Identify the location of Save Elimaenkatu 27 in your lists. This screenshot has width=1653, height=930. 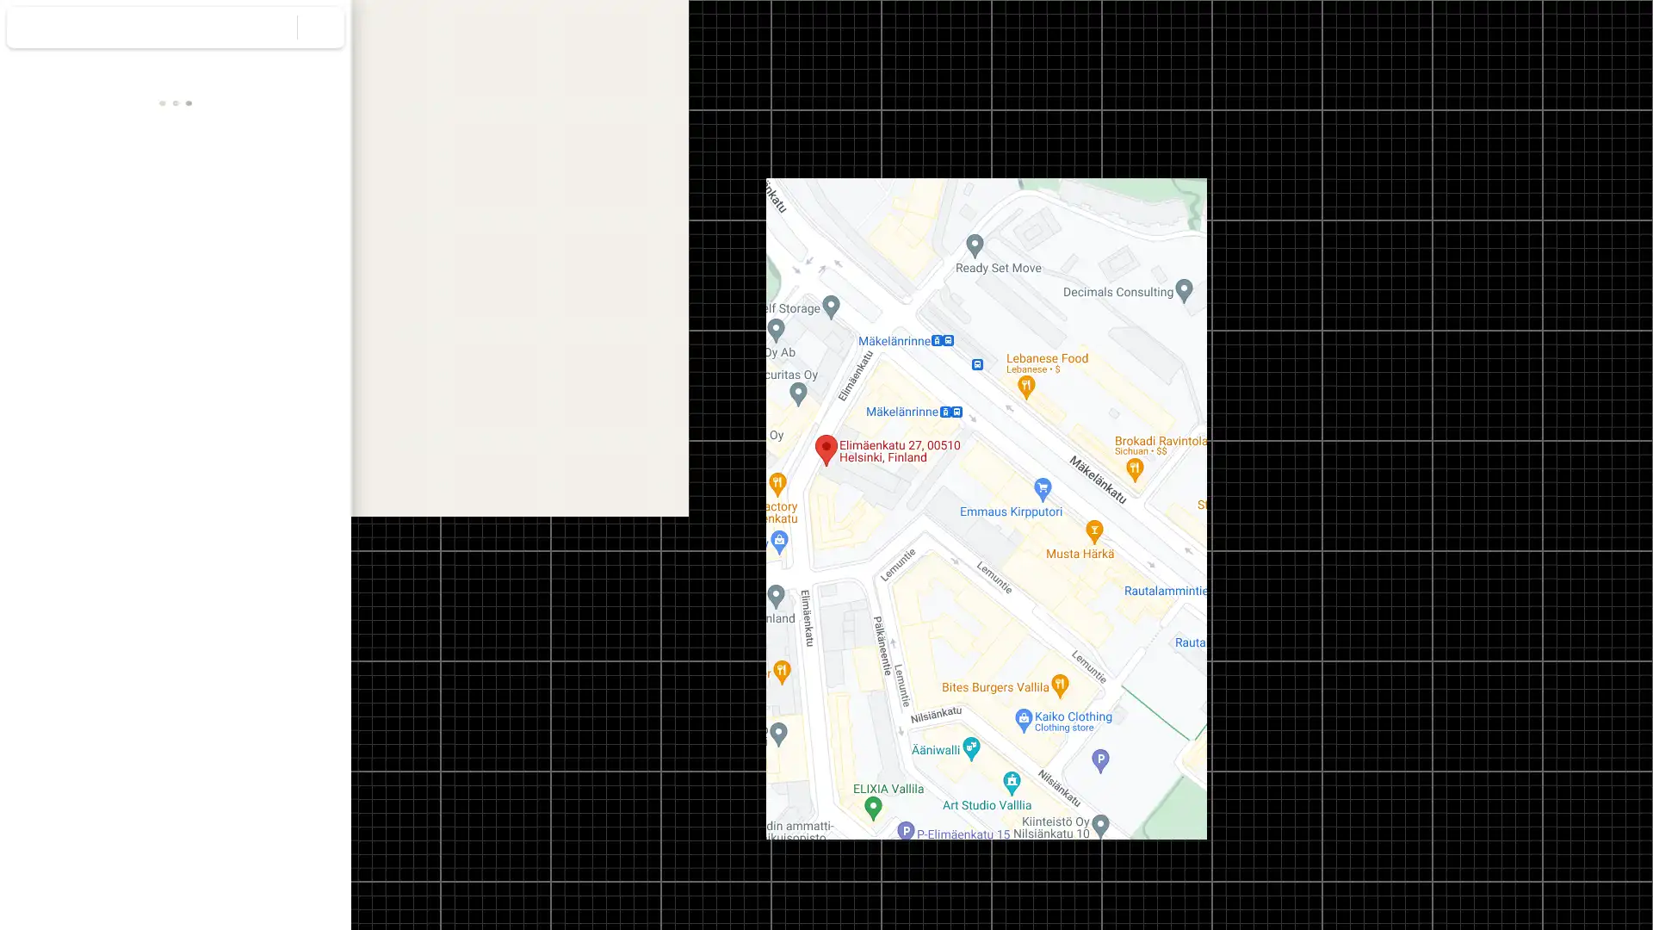
(111, 294).